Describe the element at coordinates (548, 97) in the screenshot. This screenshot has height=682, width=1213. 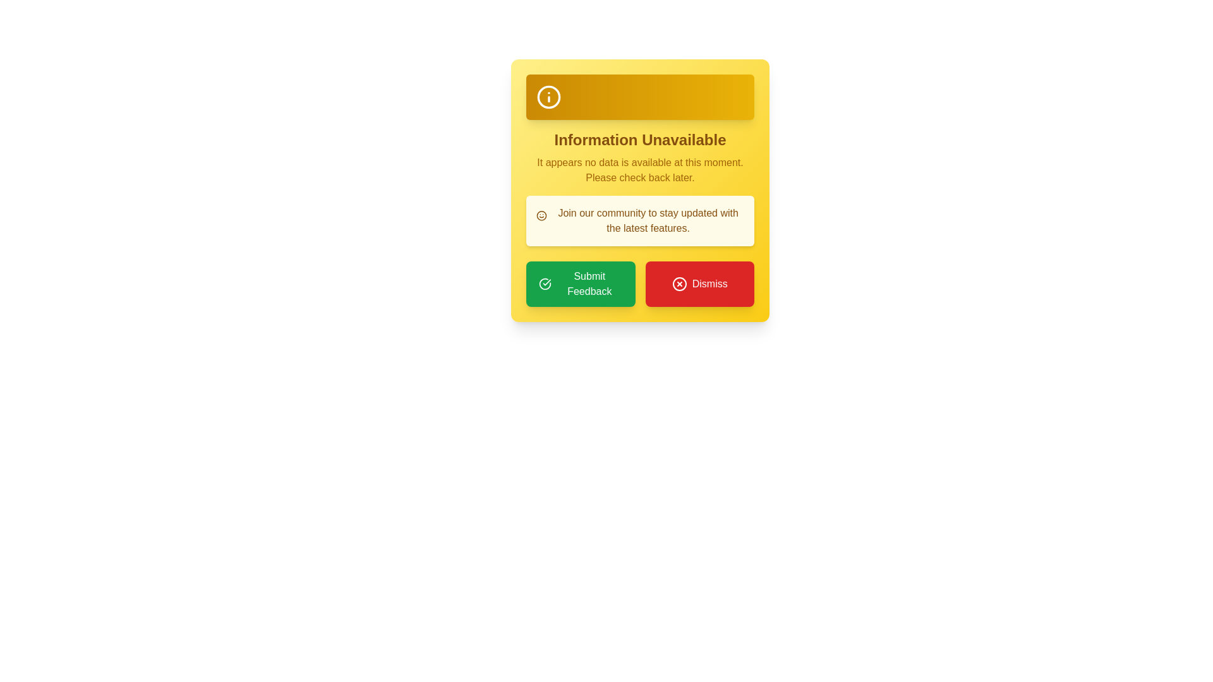
I see `the information indicator icon located in the upper-left corner of the rectangular box with a gradient yellow-orange background` at that location.